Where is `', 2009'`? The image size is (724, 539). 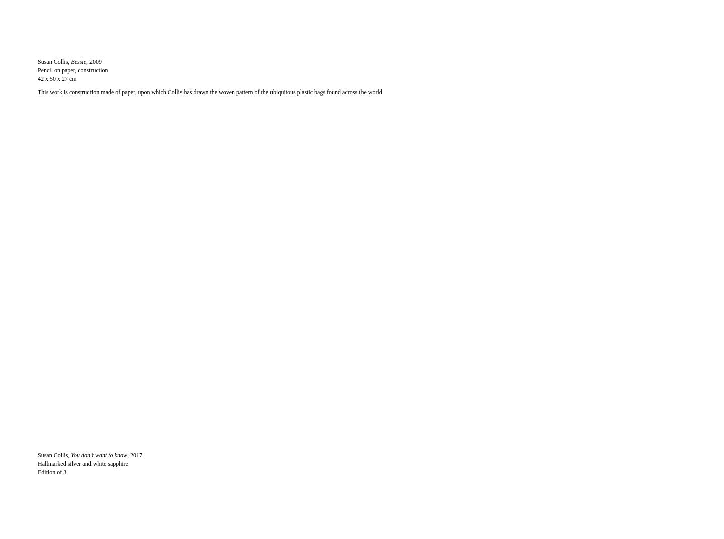 ', 2009' is located at coordinates (94, 61).